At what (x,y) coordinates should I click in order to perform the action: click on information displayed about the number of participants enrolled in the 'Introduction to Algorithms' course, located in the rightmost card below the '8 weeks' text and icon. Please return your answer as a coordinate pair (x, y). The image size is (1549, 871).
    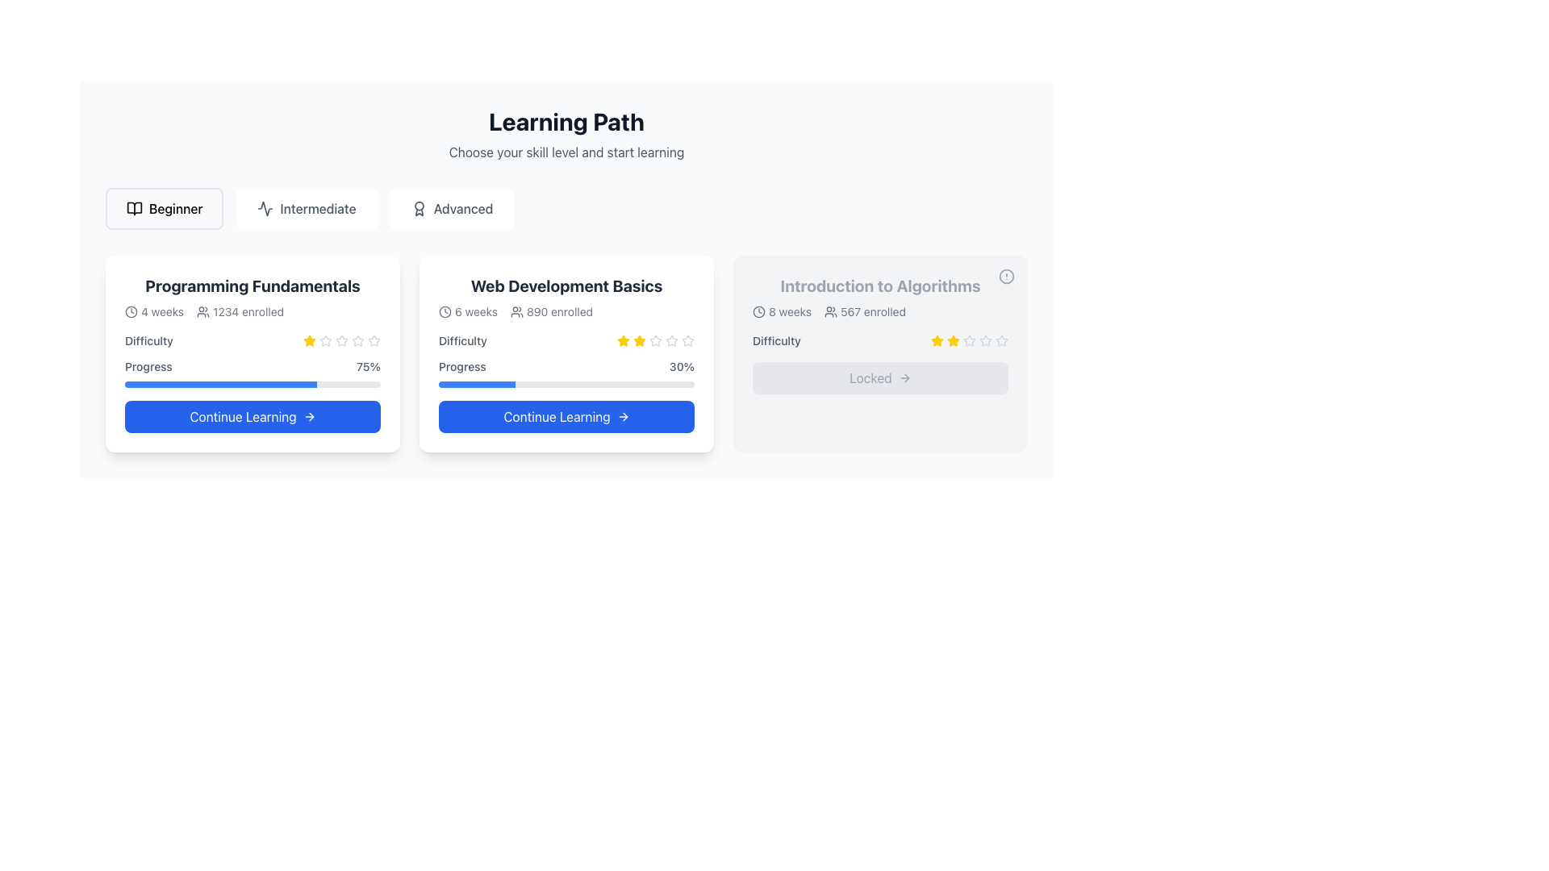
    Looking at the image, I should click on (864, 311).